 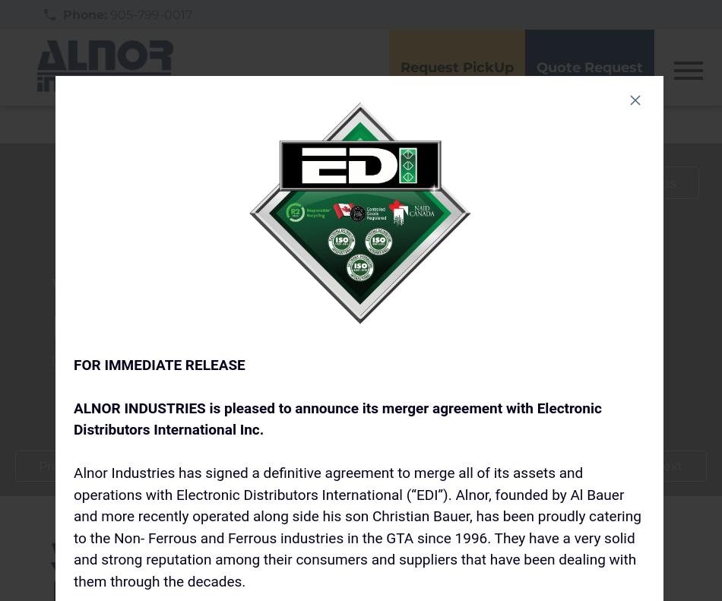 What do you see at coordinates (52, 465) in the screenshot?
I see `'Prev'` at bounding box center [52, 465].